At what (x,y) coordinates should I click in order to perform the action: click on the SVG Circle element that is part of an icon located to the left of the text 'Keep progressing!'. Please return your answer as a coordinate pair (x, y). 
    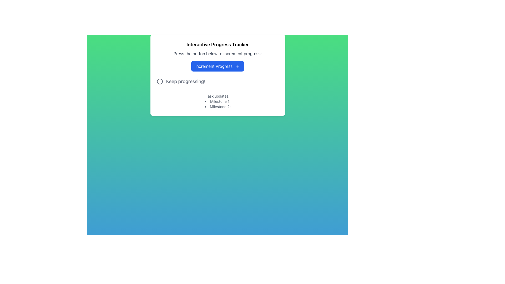
    Looking at the image, I should click on (159, 81).